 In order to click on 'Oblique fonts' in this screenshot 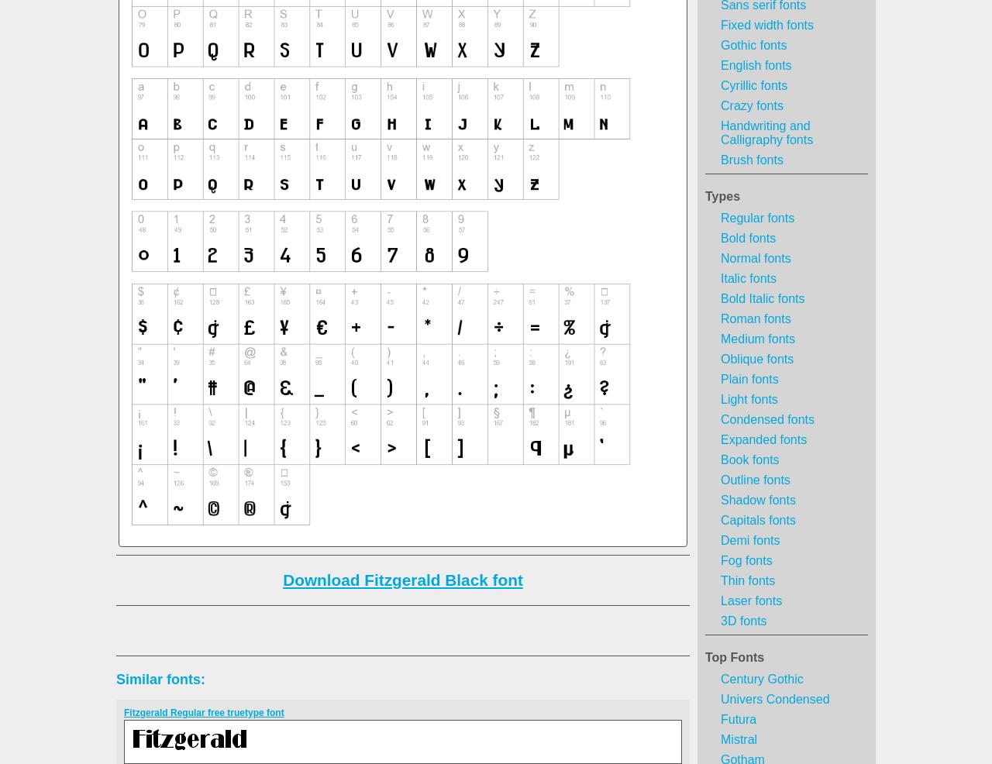, I will do `click(757, 359)`.